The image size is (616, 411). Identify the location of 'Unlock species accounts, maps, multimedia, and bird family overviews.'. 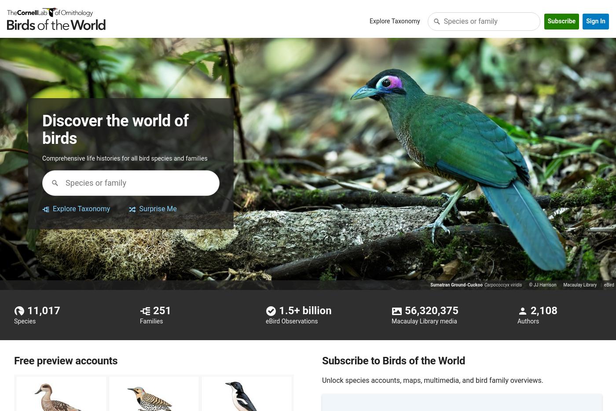
(322, 379).